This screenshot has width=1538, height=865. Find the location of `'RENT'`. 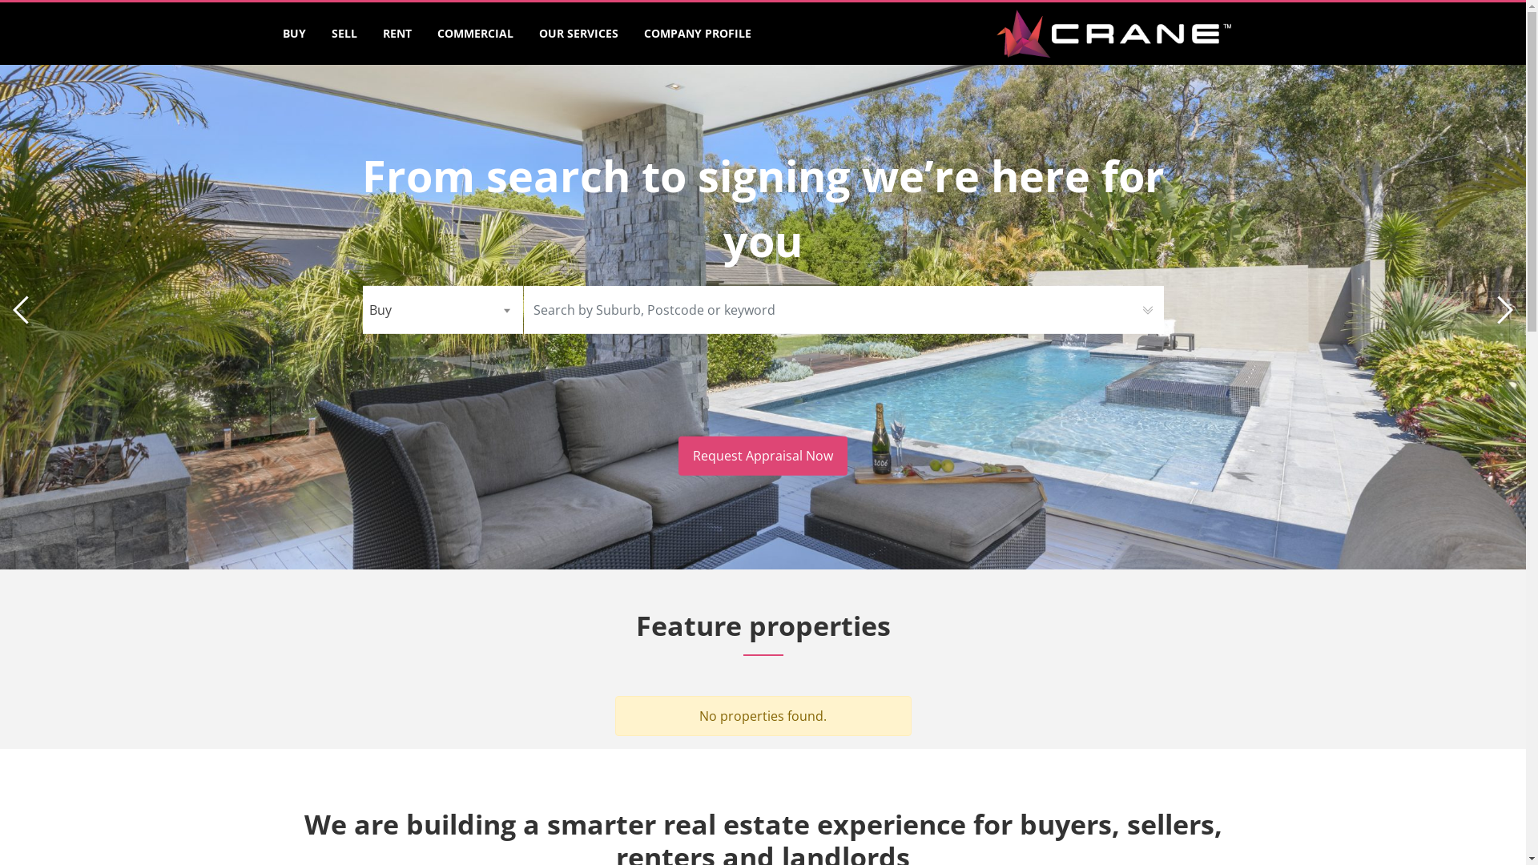

'RENT' is located at coordinates (397, 34).